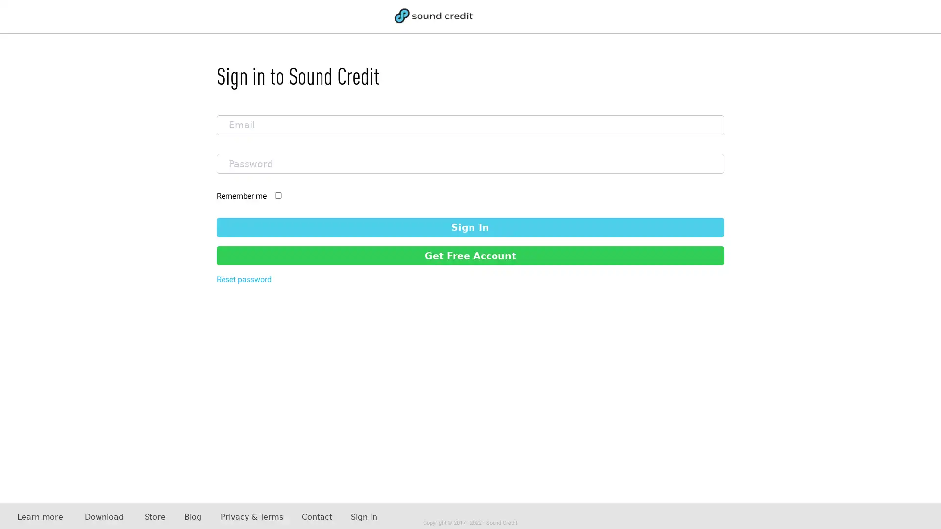  Describe the element at coordinates (470, 255) in the screenshot. I see `Get Free Account` at that location.